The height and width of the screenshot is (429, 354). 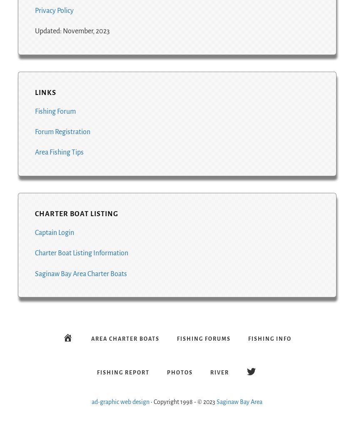 What do you see at coordinates (125, 338) in the screenshot?
I see `'Area Charter Boats'` at bounding box center [125, 338].